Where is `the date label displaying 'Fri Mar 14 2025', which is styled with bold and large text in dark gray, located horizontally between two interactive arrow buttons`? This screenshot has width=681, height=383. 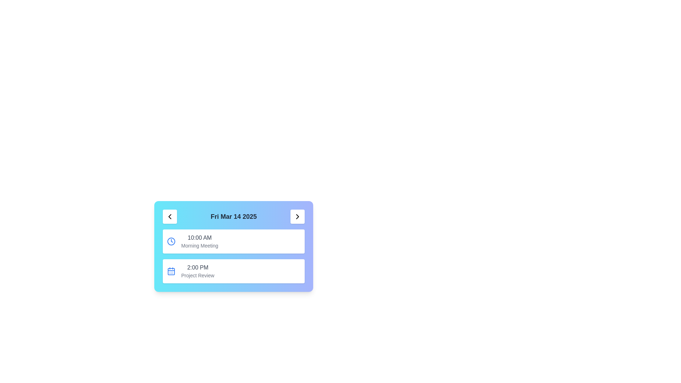
the date label displaying 'Fri Mar 14 2025', which is styled with bold and large text in dark gray, located horizontally between two interactive arrow buttons is located at coordinates (233, 216).